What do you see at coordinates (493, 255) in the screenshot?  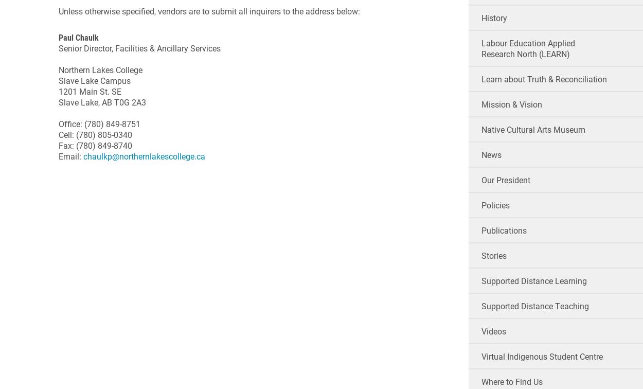 I see `'Stories'` at bounding box center [493, 255].